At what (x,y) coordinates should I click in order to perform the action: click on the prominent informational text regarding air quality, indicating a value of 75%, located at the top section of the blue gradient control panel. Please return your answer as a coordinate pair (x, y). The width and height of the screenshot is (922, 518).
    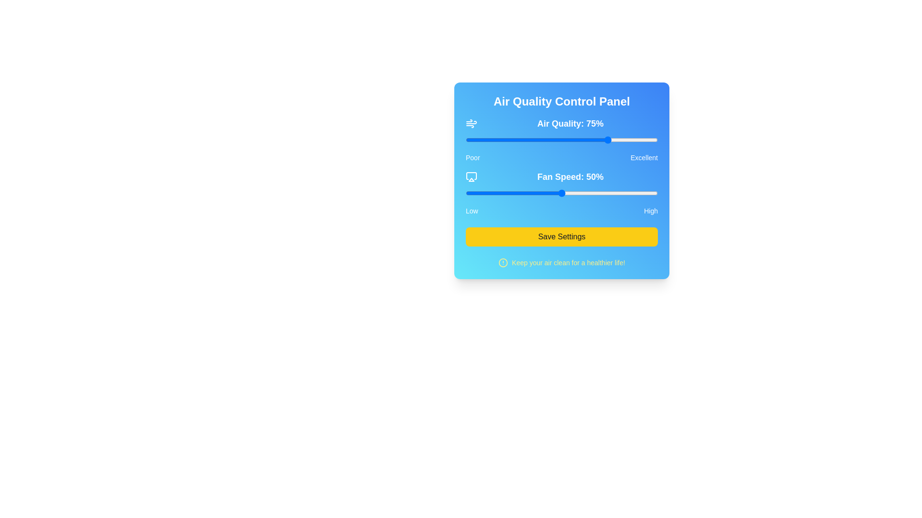
    Looking at the image, I should click on (562, 123).